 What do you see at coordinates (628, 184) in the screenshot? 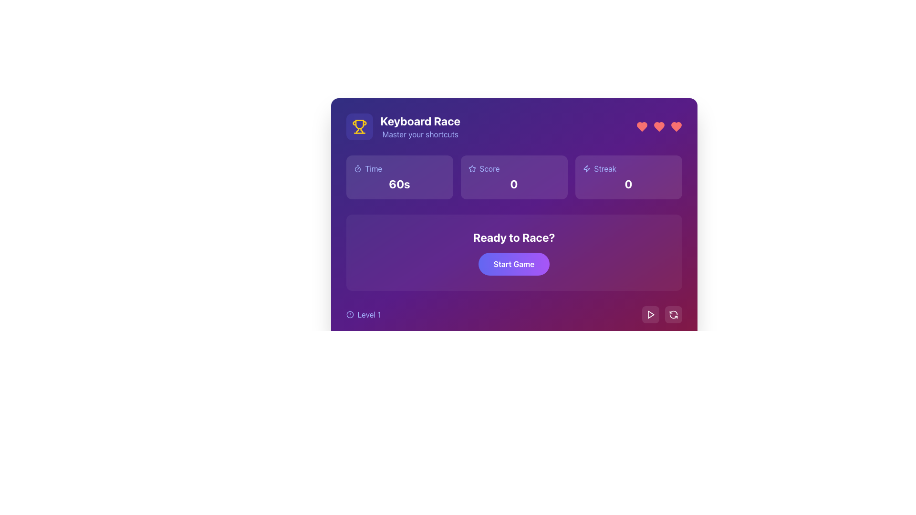
I see `the bold number '0' displayed in white font on a purple background within the 'Streak' card in the top-right quadrant of the interface` at bounding box center [628, 184].